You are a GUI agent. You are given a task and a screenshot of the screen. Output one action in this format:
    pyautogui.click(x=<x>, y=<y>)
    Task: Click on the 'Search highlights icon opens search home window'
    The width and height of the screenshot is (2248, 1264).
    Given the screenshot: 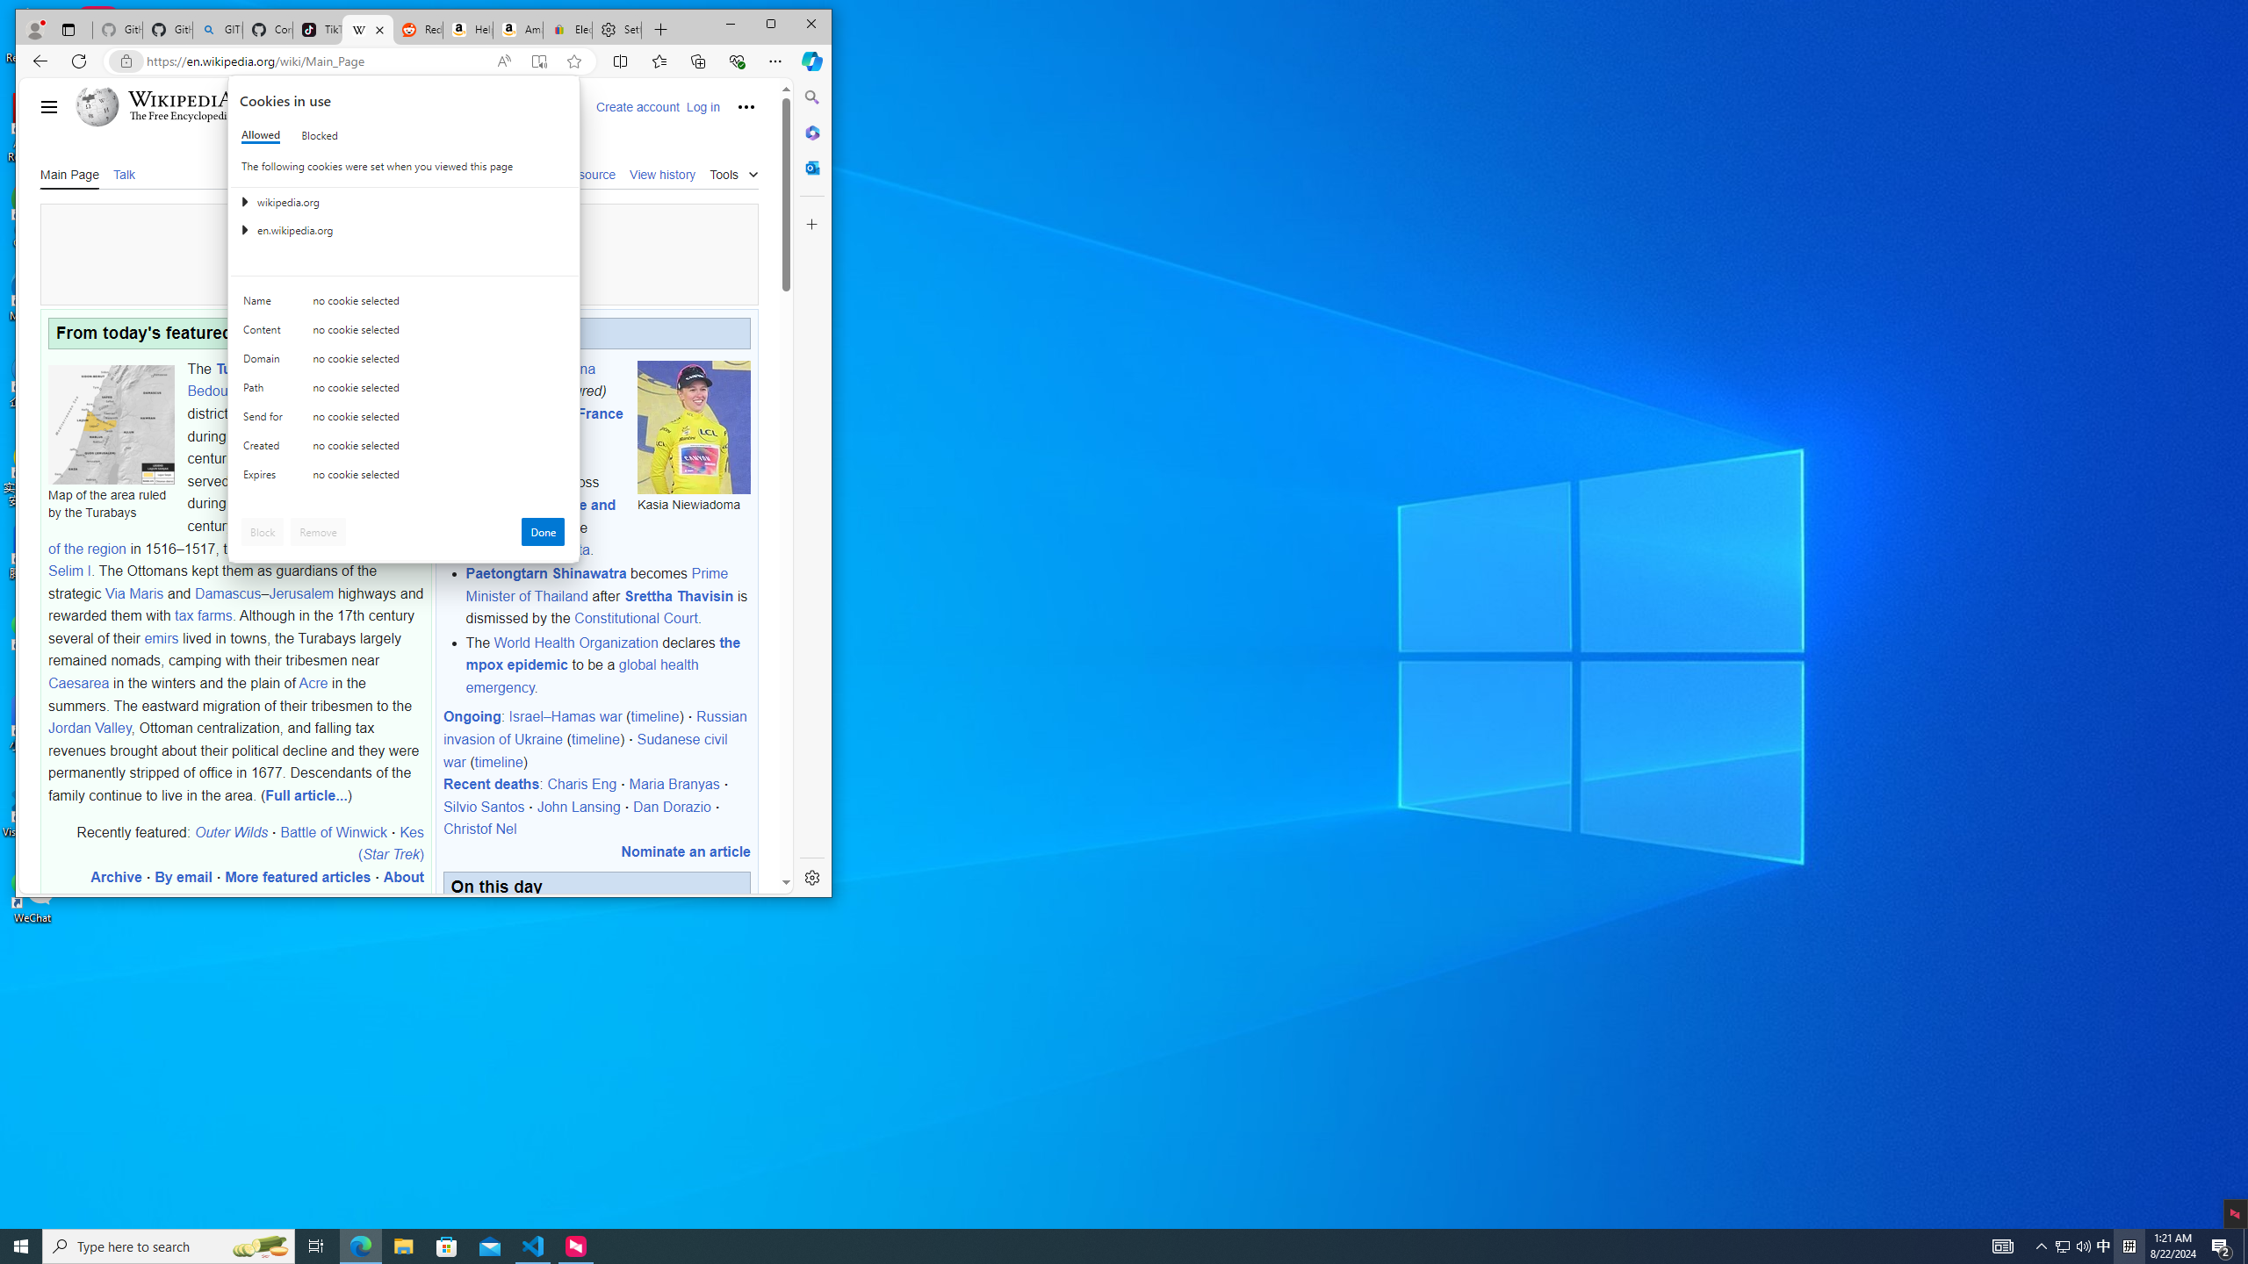 What is the action you would take?
    pyautogui.click(x=258, y=1245)
    